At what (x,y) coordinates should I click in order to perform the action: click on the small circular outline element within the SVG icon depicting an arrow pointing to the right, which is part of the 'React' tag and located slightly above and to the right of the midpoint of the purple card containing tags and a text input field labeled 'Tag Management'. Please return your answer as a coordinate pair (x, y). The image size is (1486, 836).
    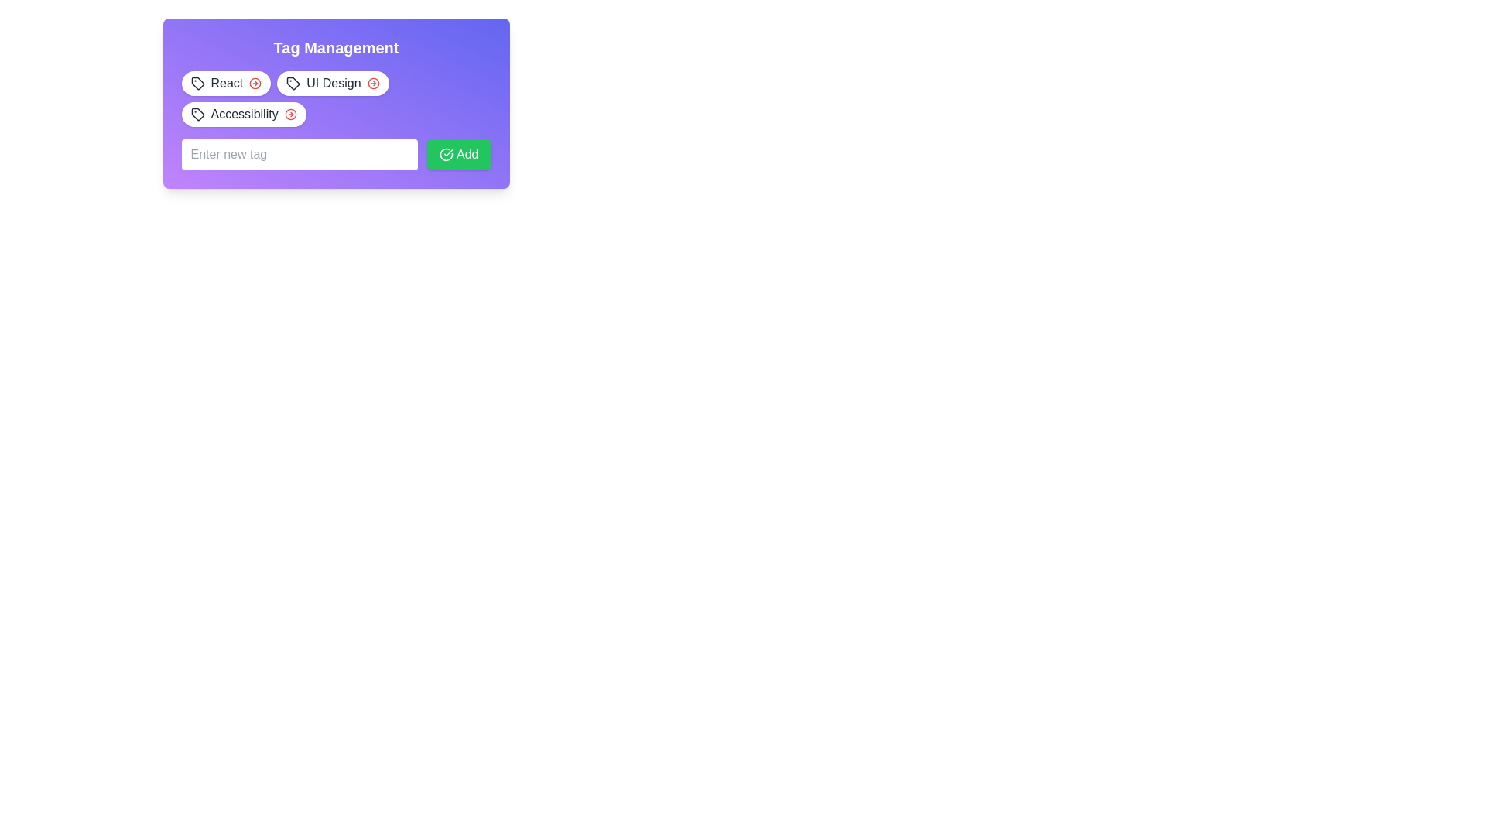
    Looking at the image, I should click on (255, 84).